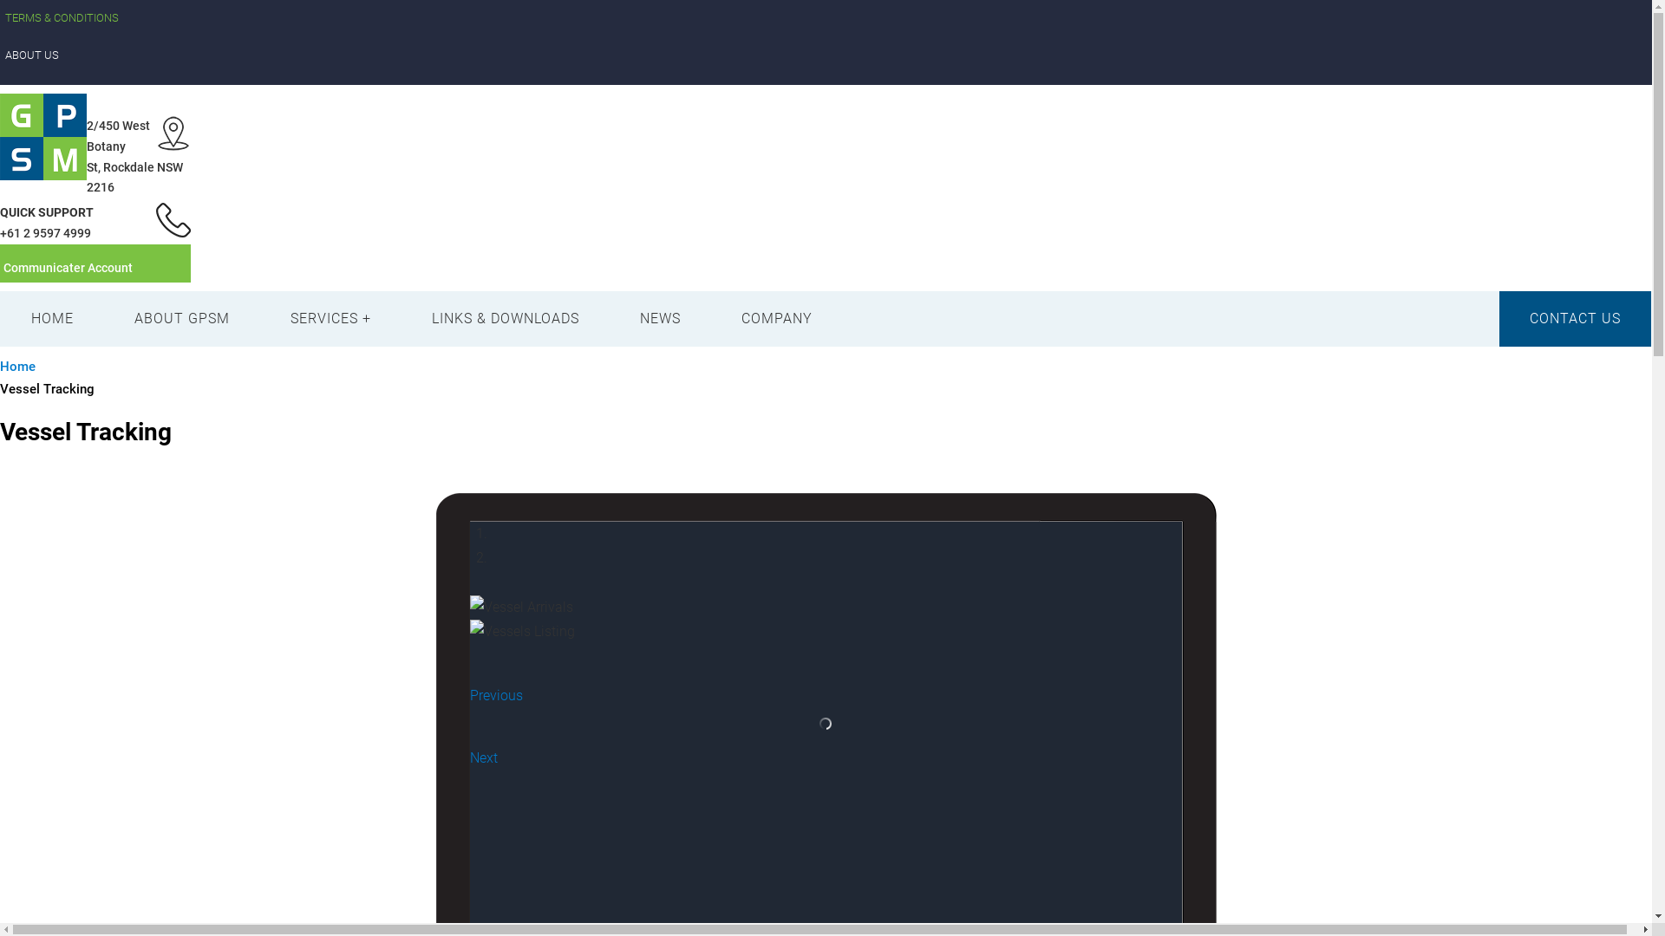 The image size is (1665, 936). Describe the element at coordinates (68, 267) in the screenshot. I see `'Communicater Account'` at that location.